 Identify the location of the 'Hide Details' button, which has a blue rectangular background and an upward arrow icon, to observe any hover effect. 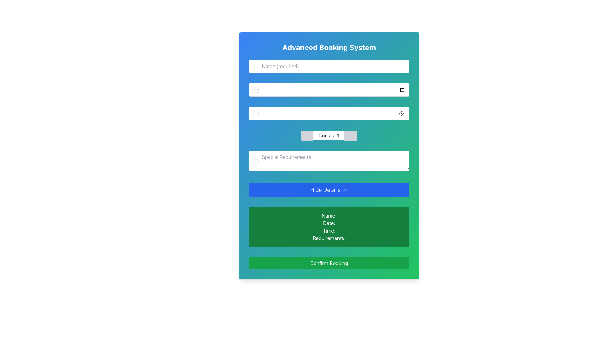
(329, 189).